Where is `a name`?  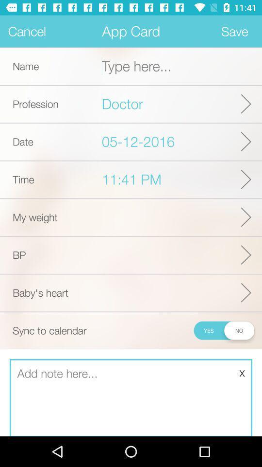
a name is located at coordinates (181, 65).